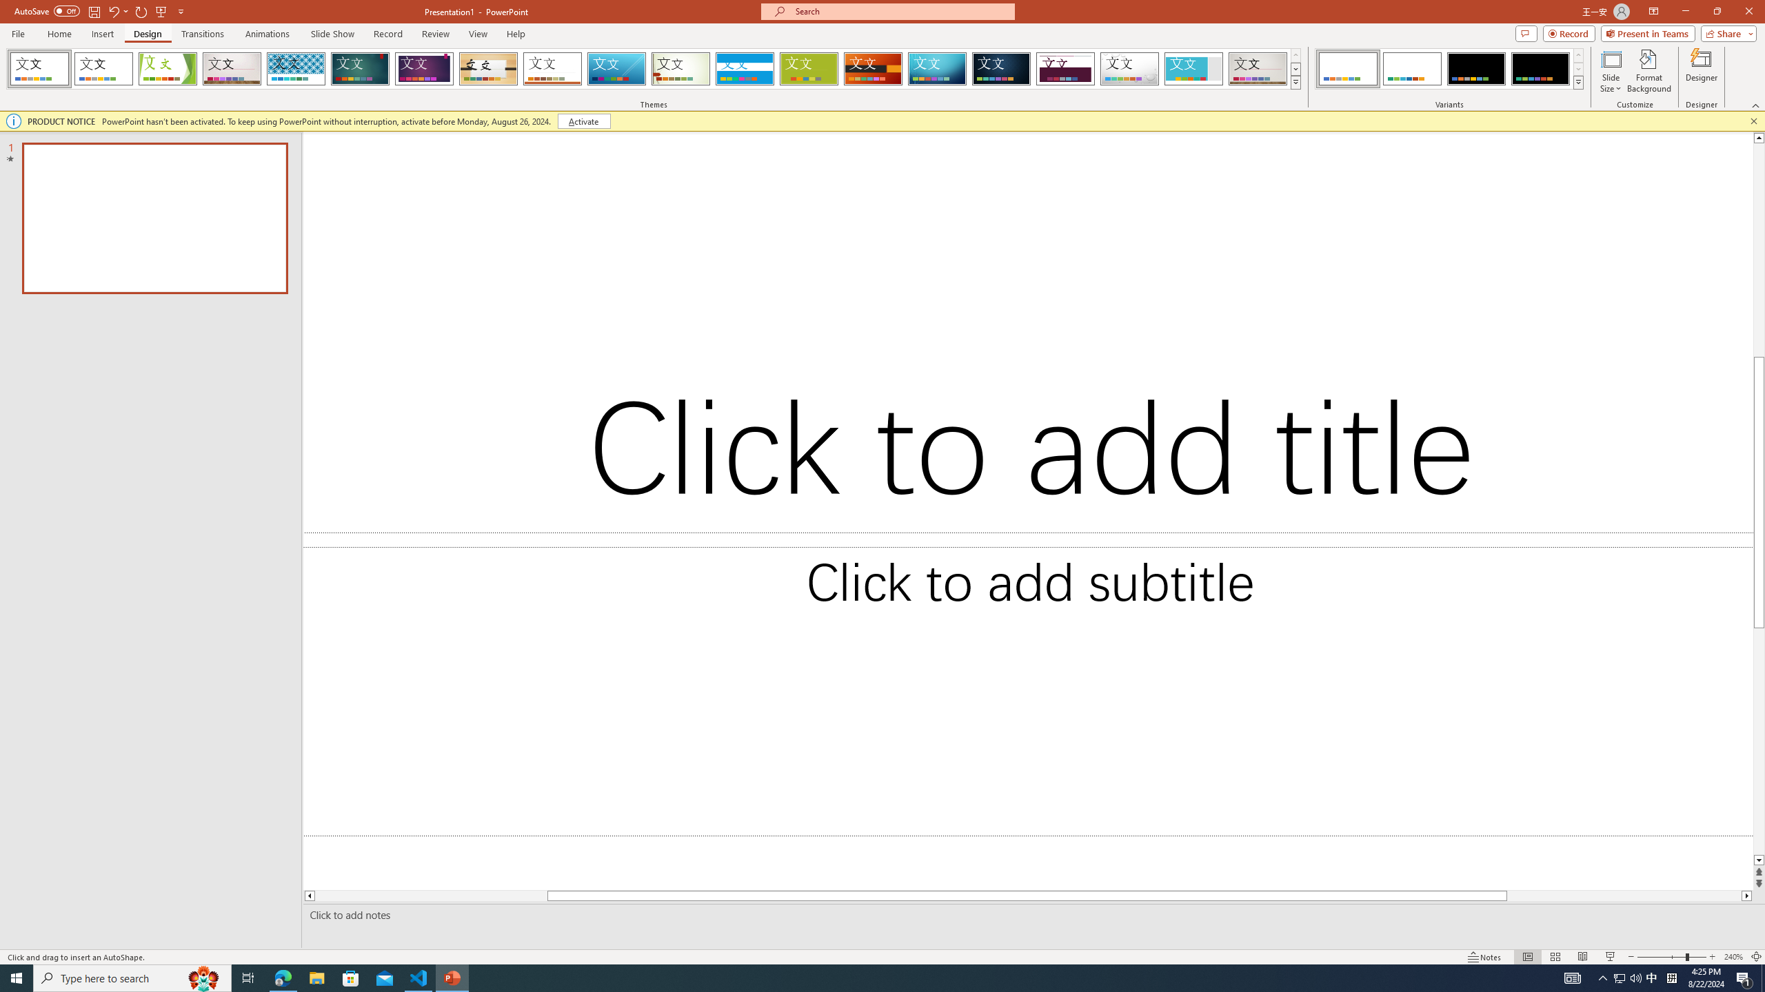  I want to click on 'Droplet', so click(1129, 68).